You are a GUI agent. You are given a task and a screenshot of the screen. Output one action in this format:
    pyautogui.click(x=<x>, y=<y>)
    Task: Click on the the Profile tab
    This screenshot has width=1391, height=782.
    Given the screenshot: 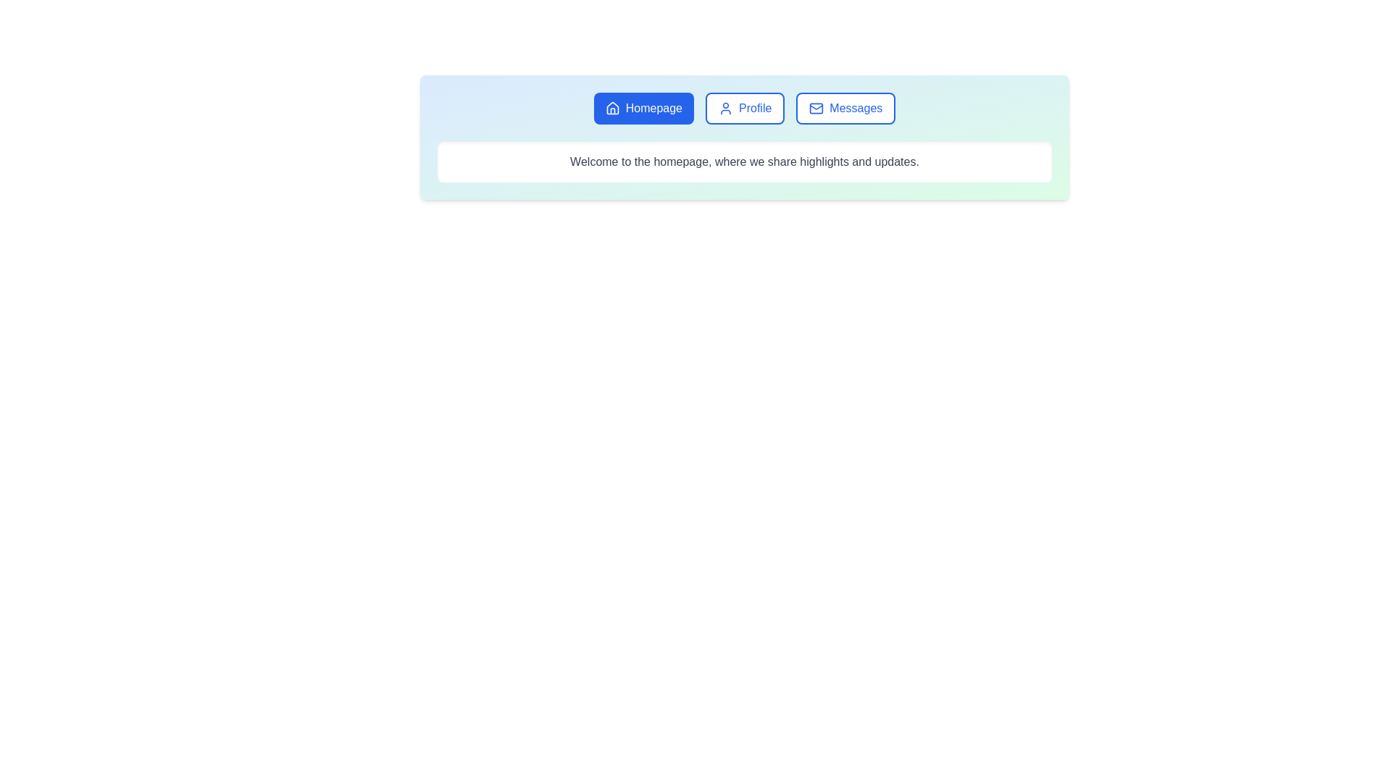 What is the action you would take?
    pyautogui.click(x=744, y=108)
    